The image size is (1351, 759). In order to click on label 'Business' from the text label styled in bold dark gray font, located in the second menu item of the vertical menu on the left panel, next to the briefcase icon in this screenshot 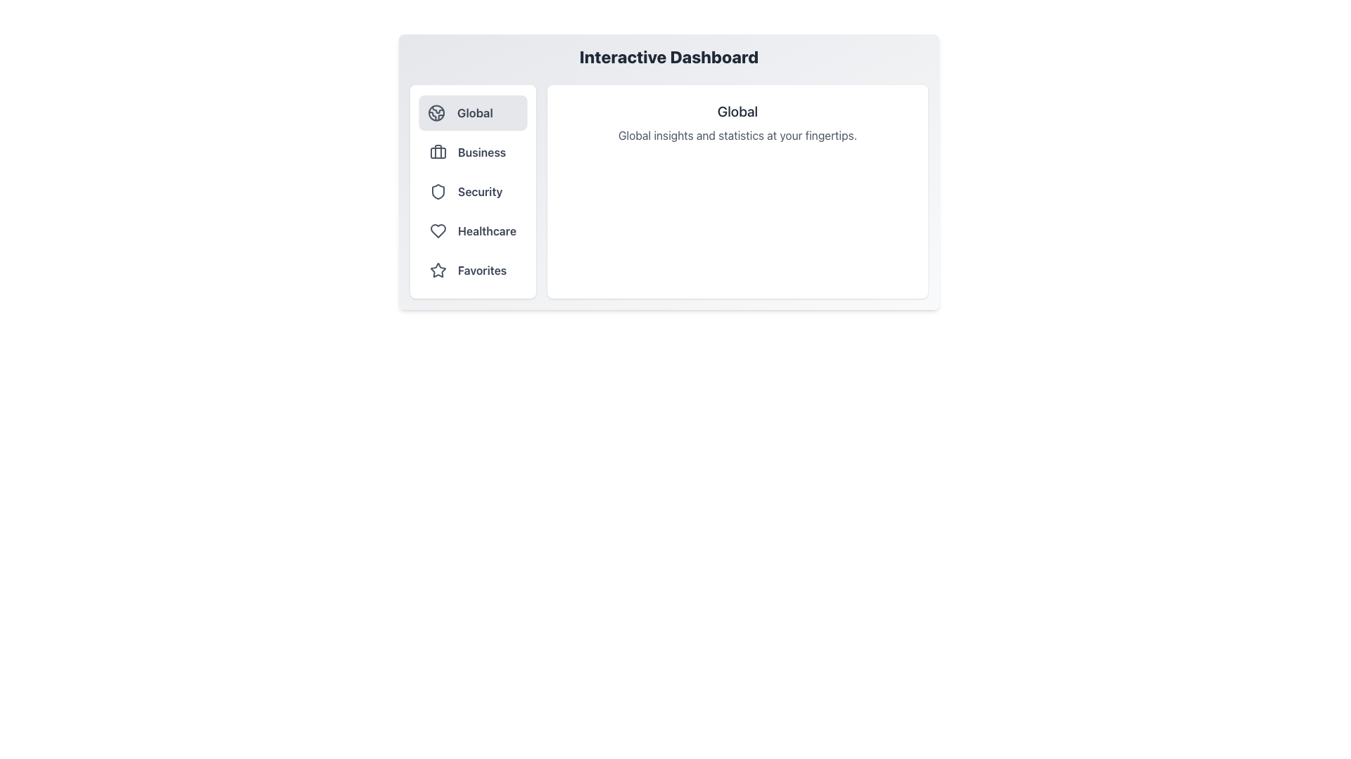, I will do `click(482, 152)`.